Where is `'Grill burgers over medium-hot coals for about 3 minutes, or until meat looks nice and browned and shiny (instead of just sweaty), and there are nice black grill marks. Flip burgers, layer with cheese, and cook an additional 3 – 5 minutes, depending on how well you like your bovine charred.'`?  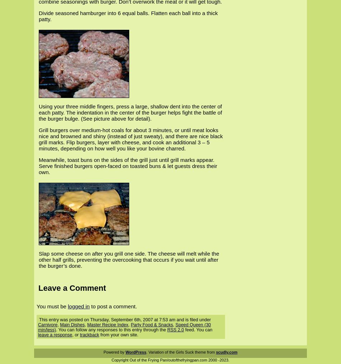 'Grill burgers over medium-hot coals for about 3 minutes, or until meat looks nice and browned and shiny (instead of just sweaty), and there are nice black grill marks. Flip burgers, layer with cheese, and cook an additional 3 – 5 minutes, depending on how well you like your bovine charred.' is located at coordinates (130, 139).